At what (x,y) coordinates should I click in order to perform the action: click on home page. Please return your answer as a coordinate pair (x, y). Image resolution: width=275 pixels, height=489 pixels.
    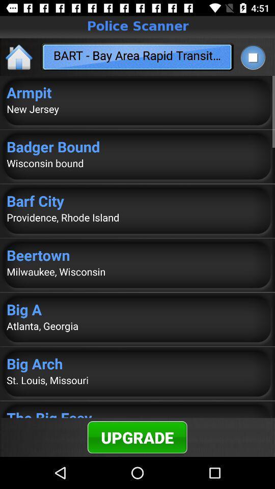
    Looking at the image, I should click on (19, 57).